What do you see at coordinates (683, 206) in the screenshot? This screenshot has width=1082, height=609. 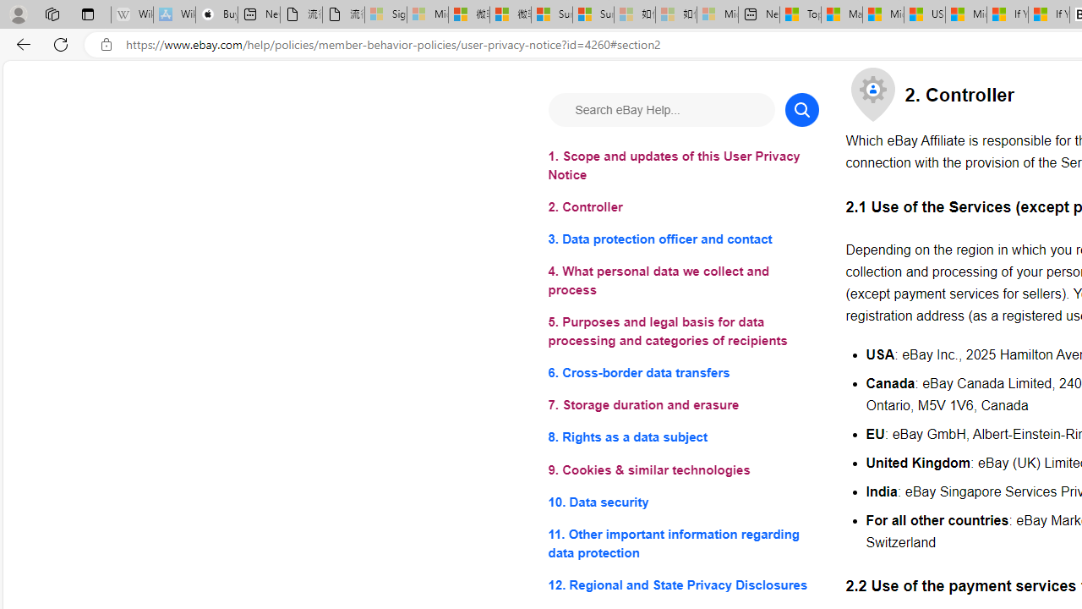 I see `'2. Controller'` at bounding box center [683, 206].